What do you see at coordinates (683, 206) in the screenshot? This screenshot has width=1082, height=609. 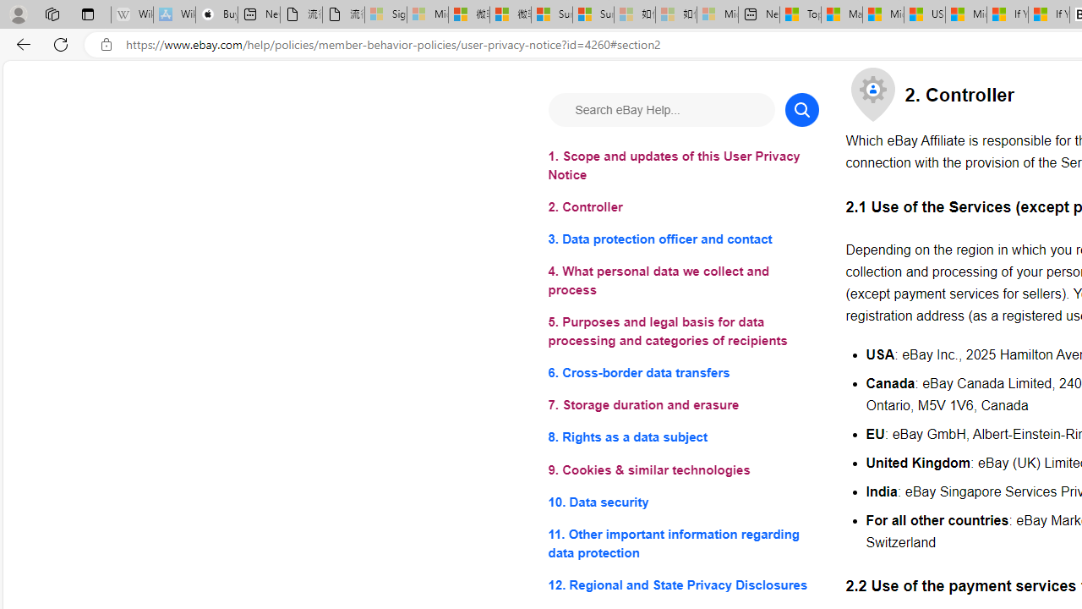 I see `'2. Controller'` at bounding box center [683, 206].